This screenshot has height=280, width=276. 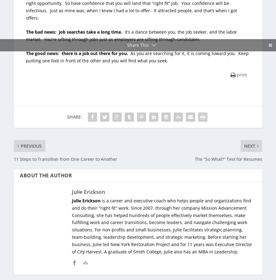 I want to click on 'Share:', so click(x=66, y=116).